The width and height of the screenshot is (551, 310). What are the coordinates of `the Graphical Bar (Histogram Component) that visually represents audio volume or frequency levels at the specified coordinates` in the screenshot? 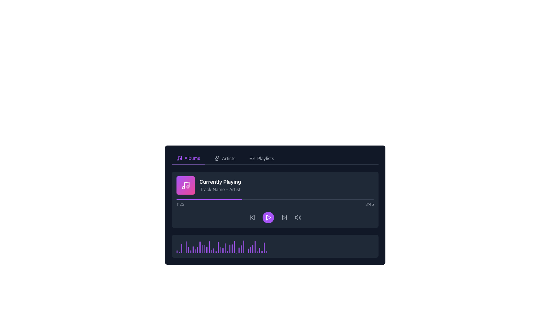 It's located at (186, 247).